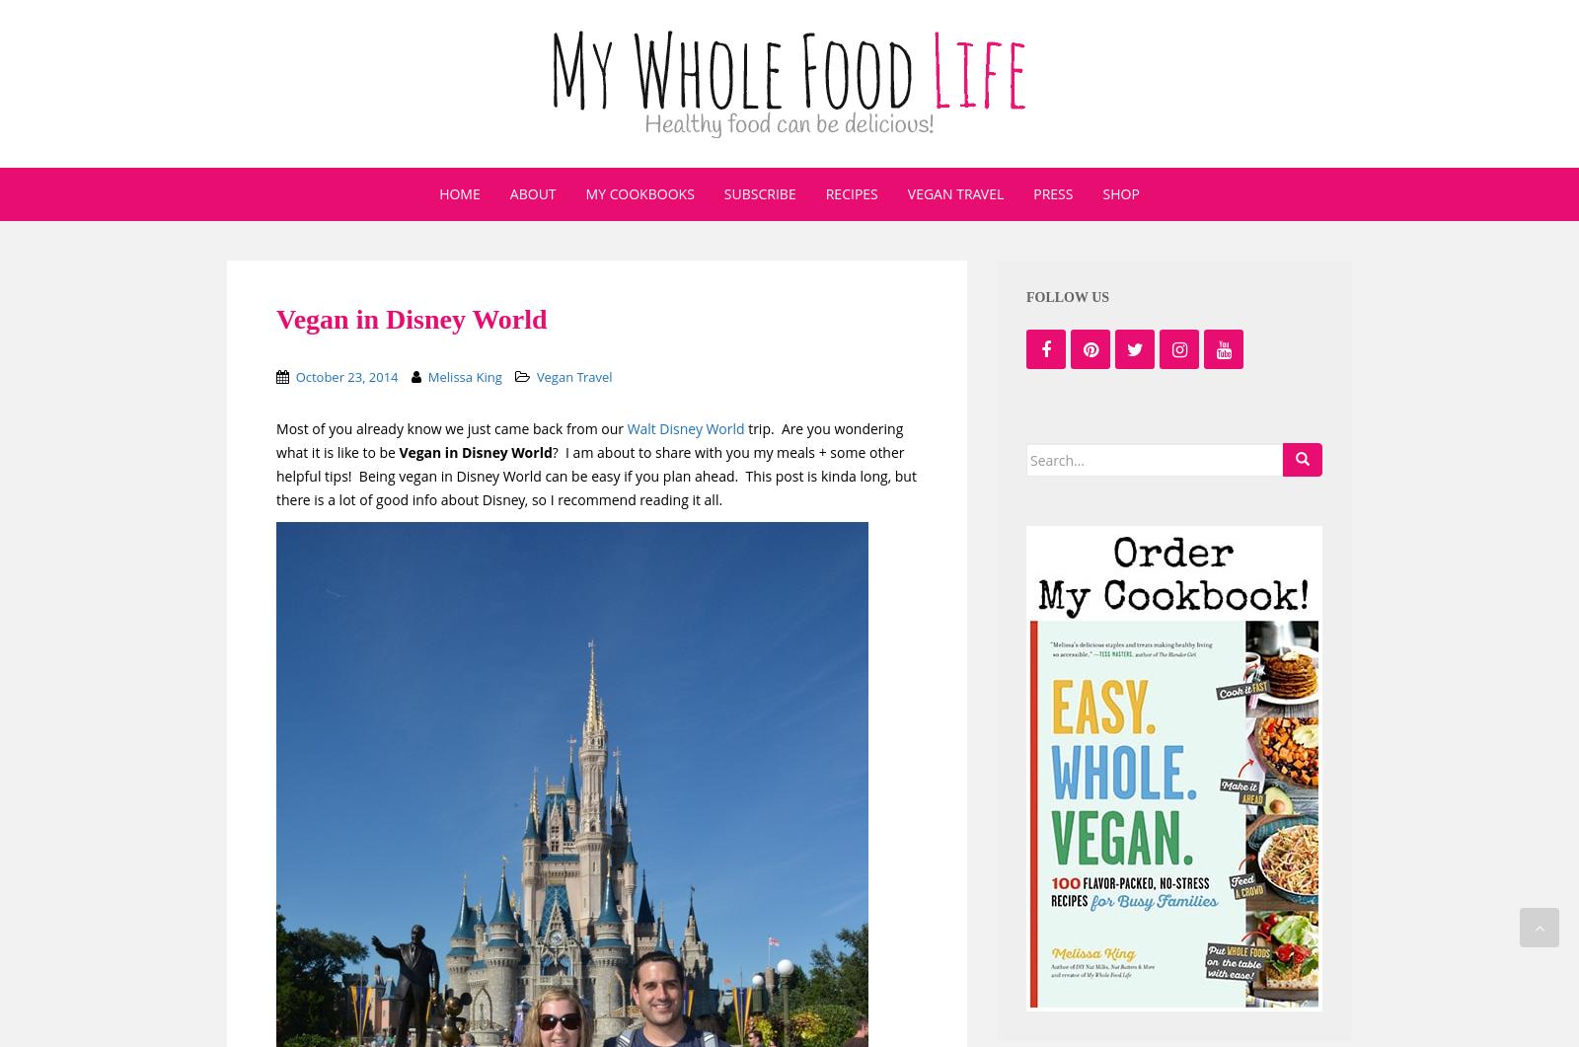 Image resolution: width=1579 pixels, height=1047 pixels. Describe the element at coordinates (850, 192) in the screenshot. I see `'Recipes'` at that location.